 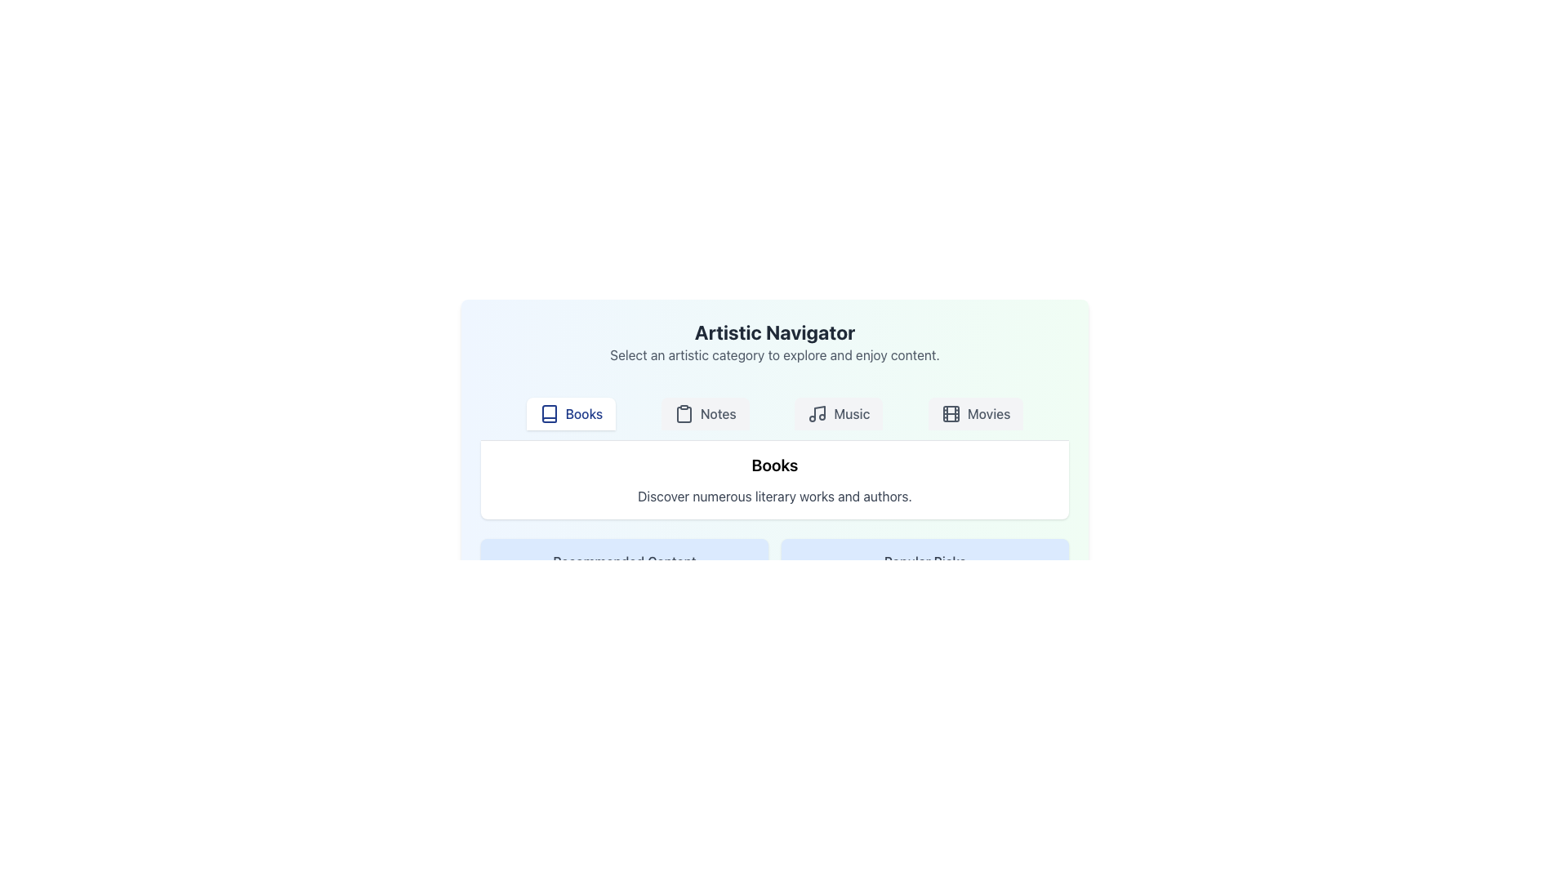 I want to click on the rectangular button with a white background and blue border labeled 'Books', so click(x=571, y=412).